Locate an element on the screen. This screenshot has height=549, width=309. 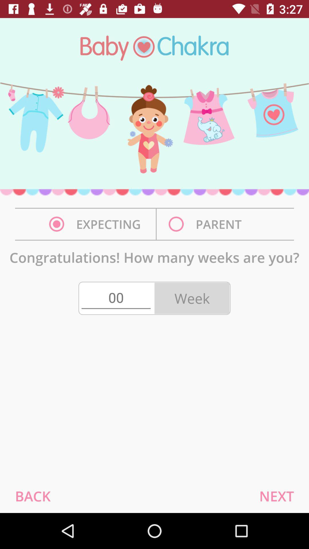
the next icon is located at coordinates (276, 496).